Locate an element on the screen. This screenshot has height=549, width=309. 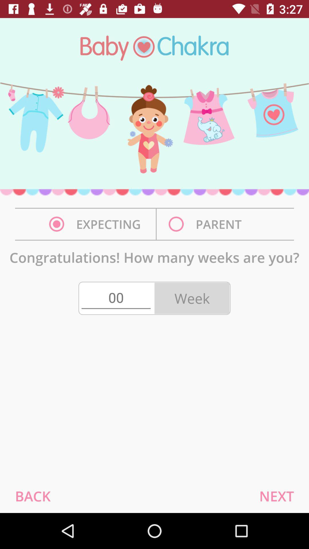
the next icon is located at coordinates (276, 496).